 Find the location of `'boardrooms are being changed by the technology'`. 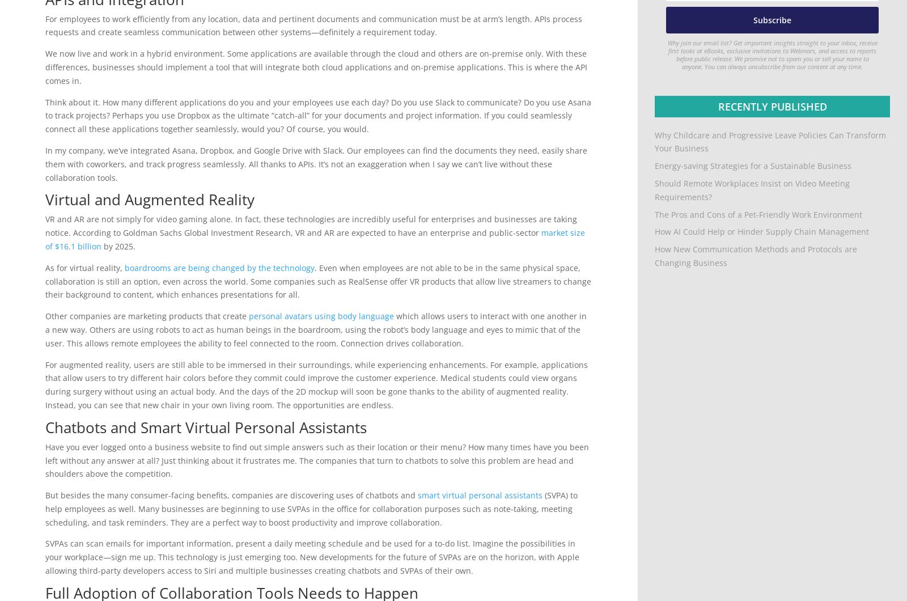

'boardrooms are being changed by the technology' is located at coordinates (219, 266).